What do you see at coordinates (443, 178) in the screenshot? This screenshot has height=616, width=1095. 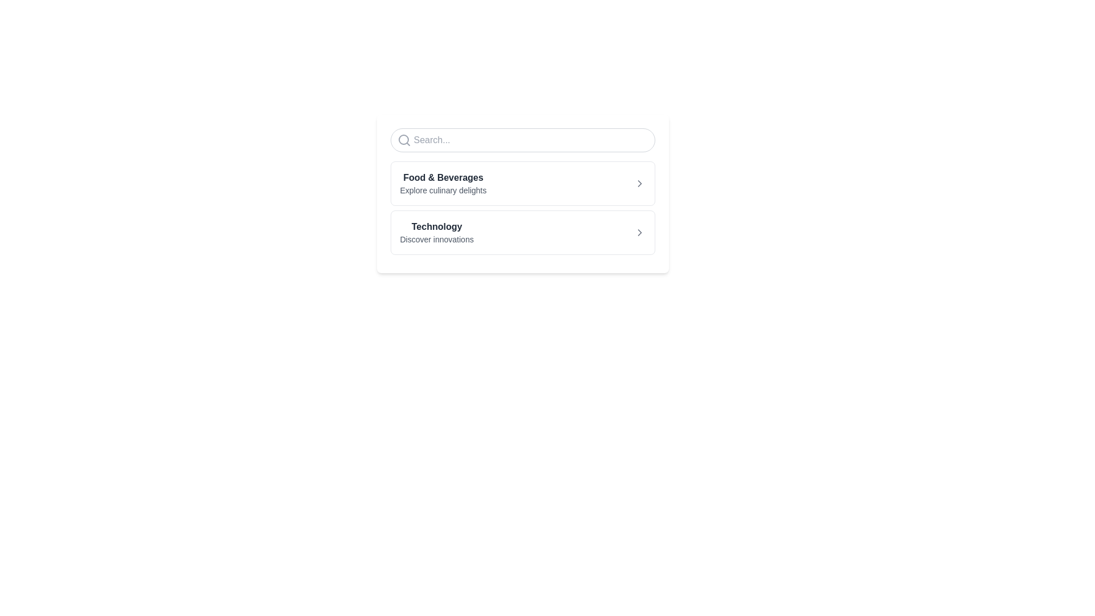 I see `the text label that serves as a category header for food and beverages, located just below the search bar in the central panel` at bounding box center [443, 178].